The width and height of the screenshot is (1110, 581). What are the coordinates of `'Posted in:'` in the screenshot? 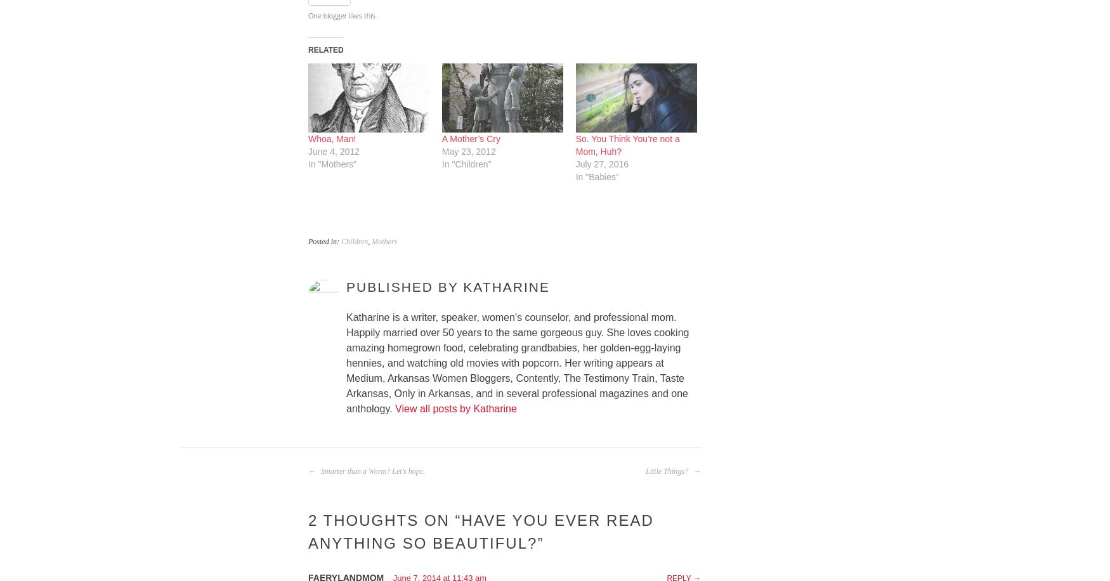 It's located at (324, 241).